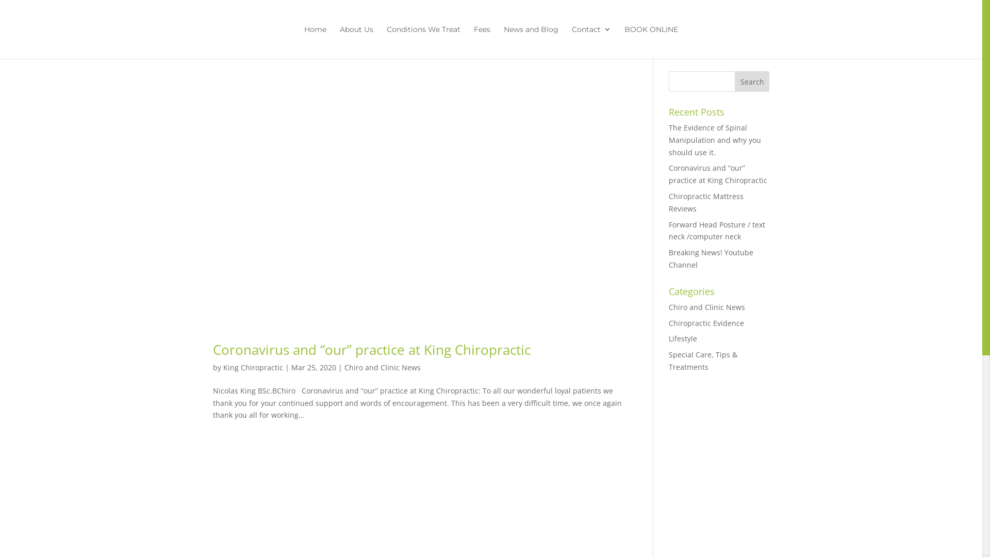 The image size is (990, 557). I want to click on 'Breaking News! Youtube Channel', so click(710, 258).